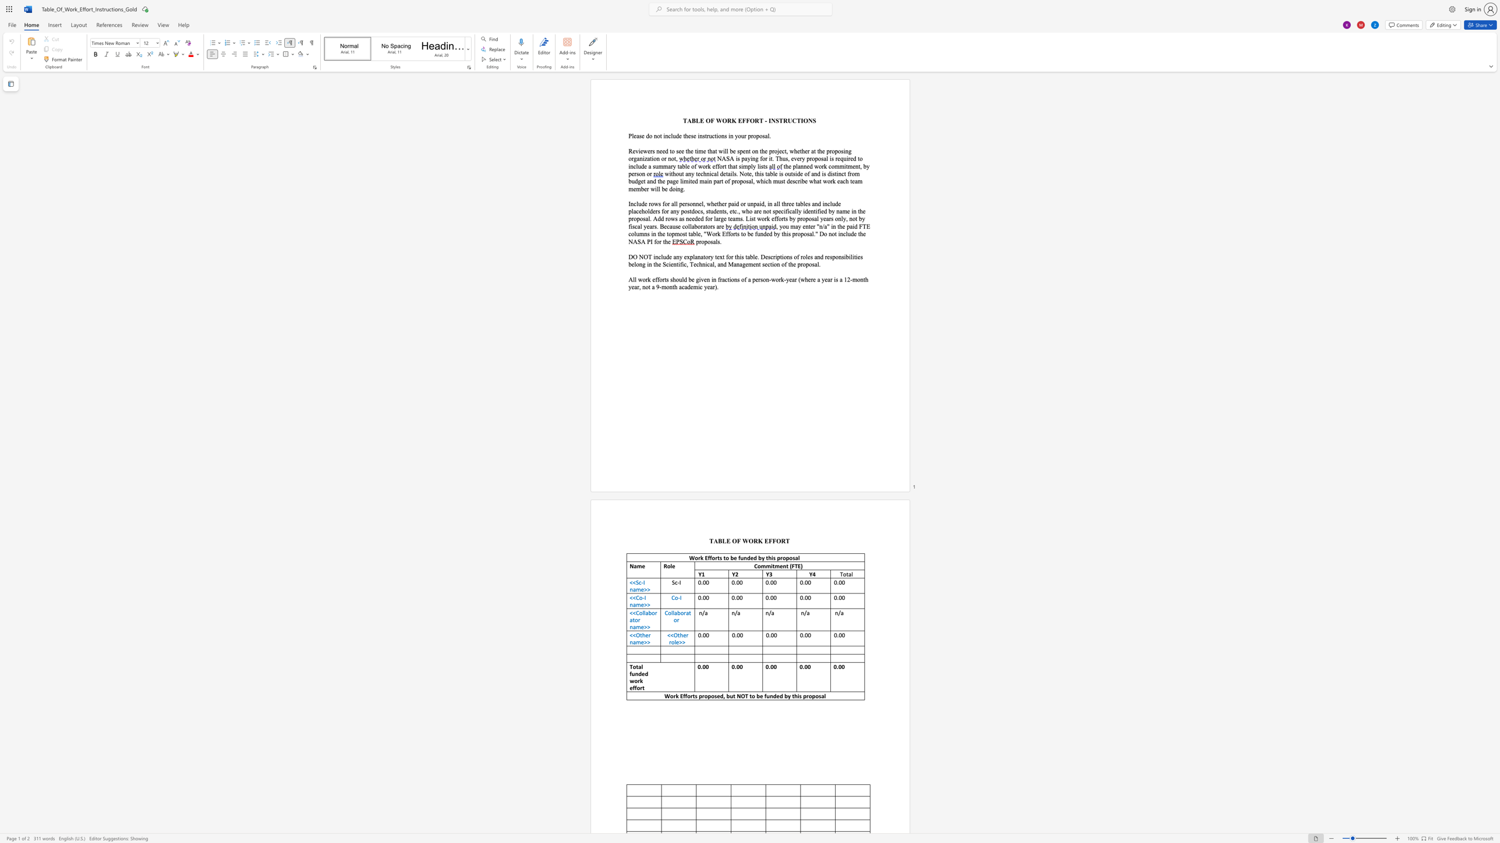  Describe the element at coordinates (769, 264) in the screenshot. I see `the 7th character "c" in the text` at that location.